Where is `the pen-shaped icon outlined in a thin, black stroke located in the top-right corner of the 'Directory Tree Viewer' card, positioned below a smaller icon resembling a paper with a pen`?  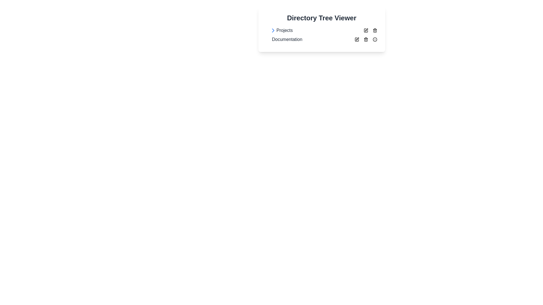
the pen-shaped icon outlined in a thin, black stroke located in the top-right corner of the 'Directory Tree Viewer' card, positioned below a smaller icon resembling a paper with a pen is located at coordinates (356, 39).